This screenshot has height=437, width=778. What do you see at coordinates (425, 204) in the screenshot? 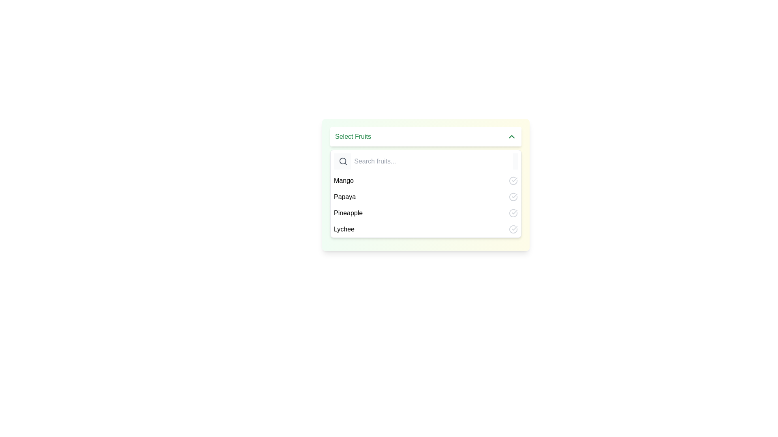
I see `the third list item in the dropdown that highlights the entry 'Pineapple', which is positioned under the search input field and follows 'Papaya'` at bounding box center [425, 204].